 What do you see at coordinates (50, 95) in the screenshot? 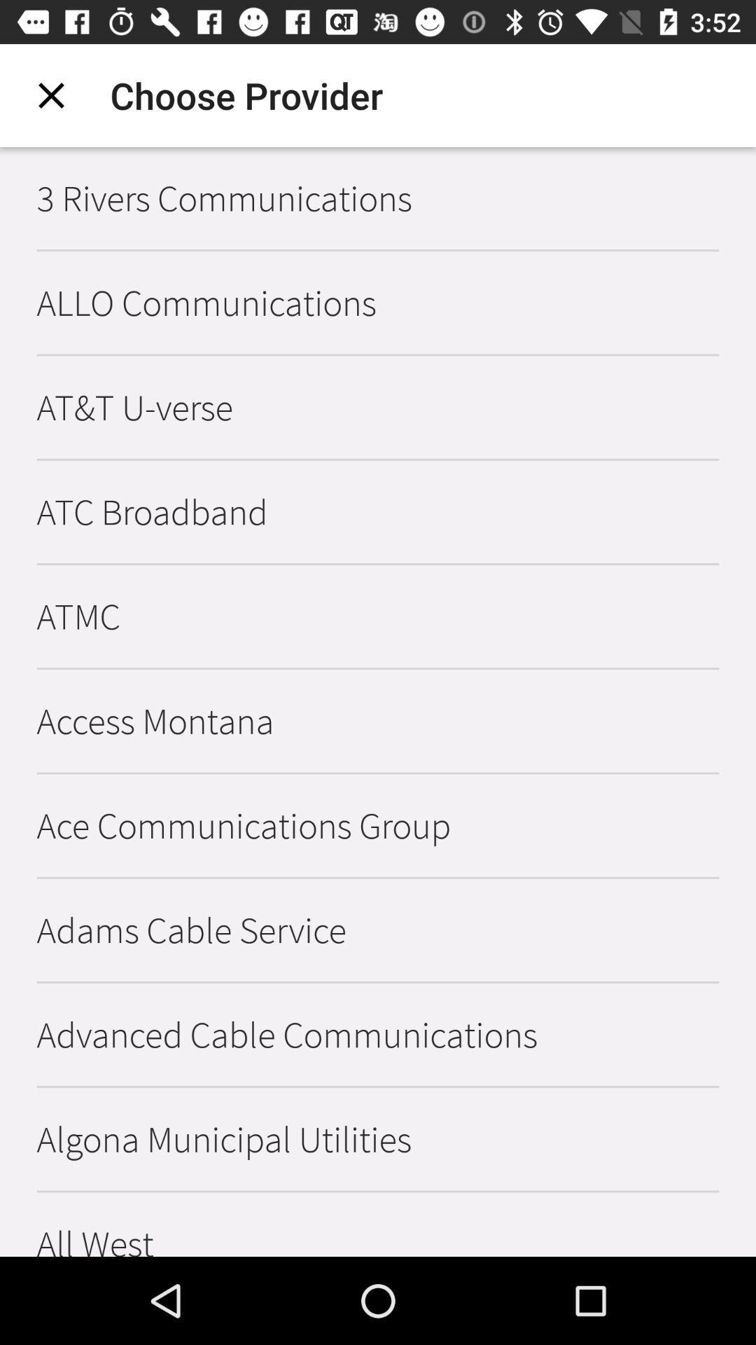
I see `item next to choose provider item` at bounding box center [50, 95].